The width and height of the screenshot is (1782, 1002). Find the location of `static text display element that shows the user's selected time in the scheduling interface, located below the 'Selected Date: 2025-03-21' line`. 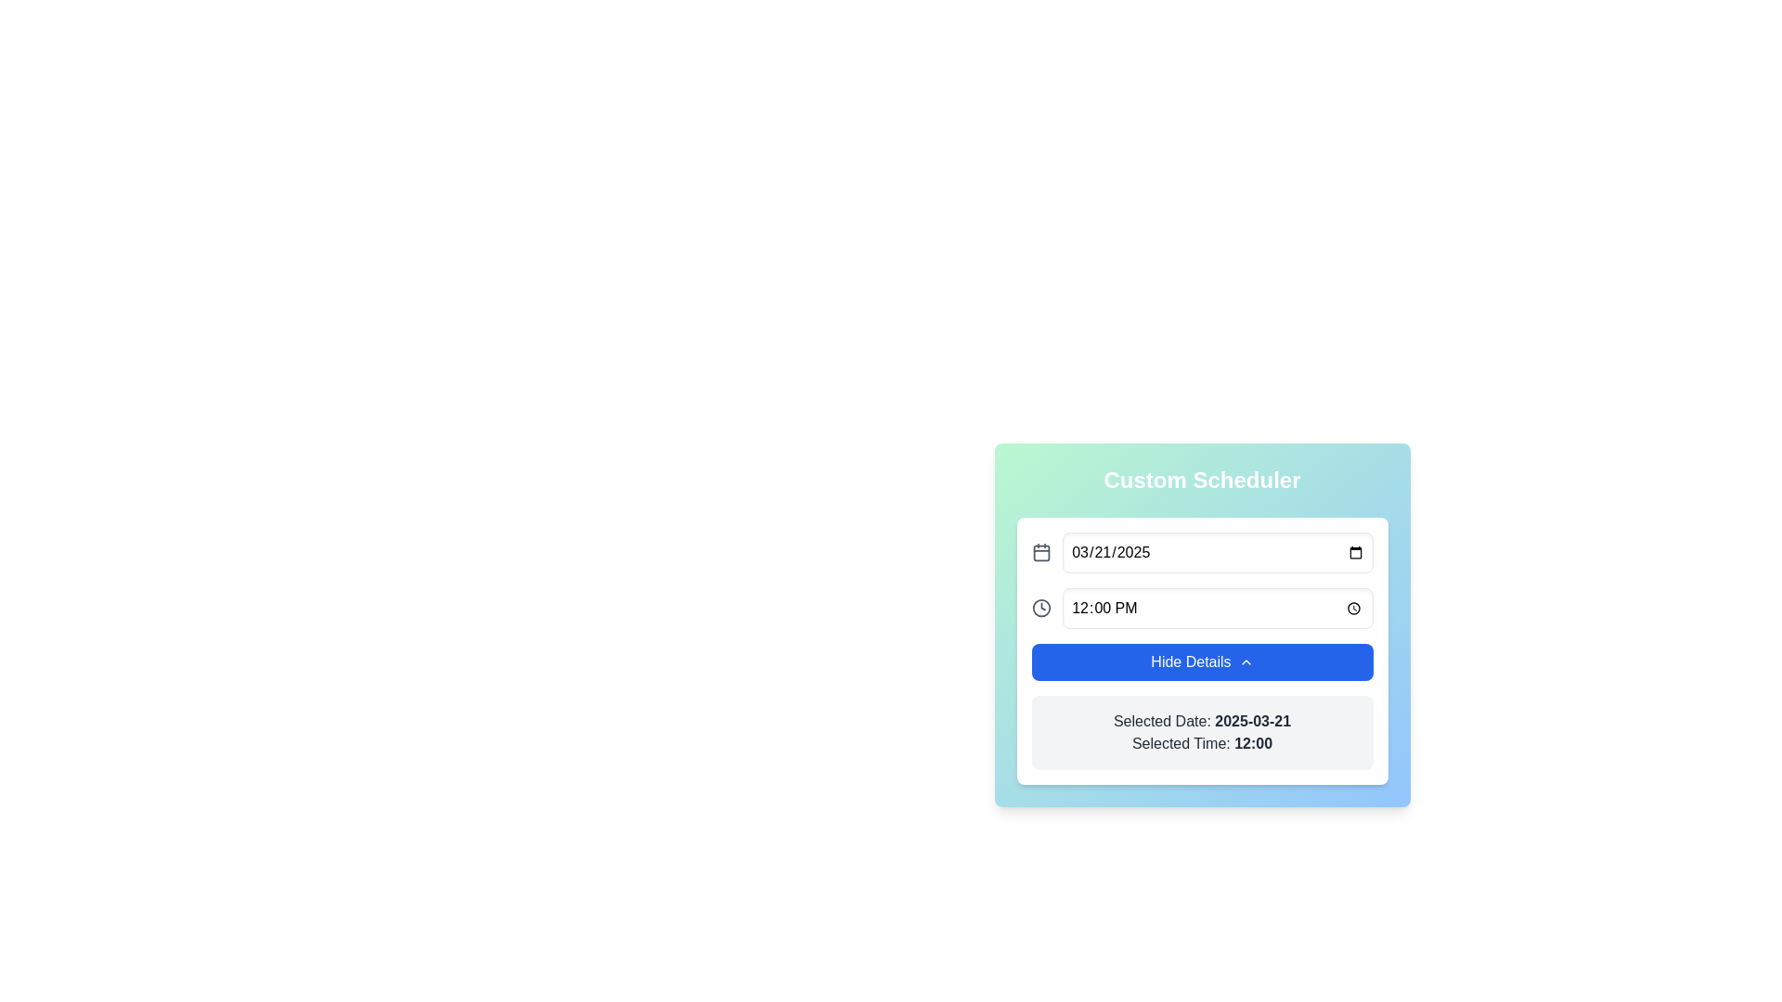

static text display element that shows the user's selected time in the scheduling interface, located below the 'Selected Date: 2025-03-21' line is located at coordinates (1202, 743).